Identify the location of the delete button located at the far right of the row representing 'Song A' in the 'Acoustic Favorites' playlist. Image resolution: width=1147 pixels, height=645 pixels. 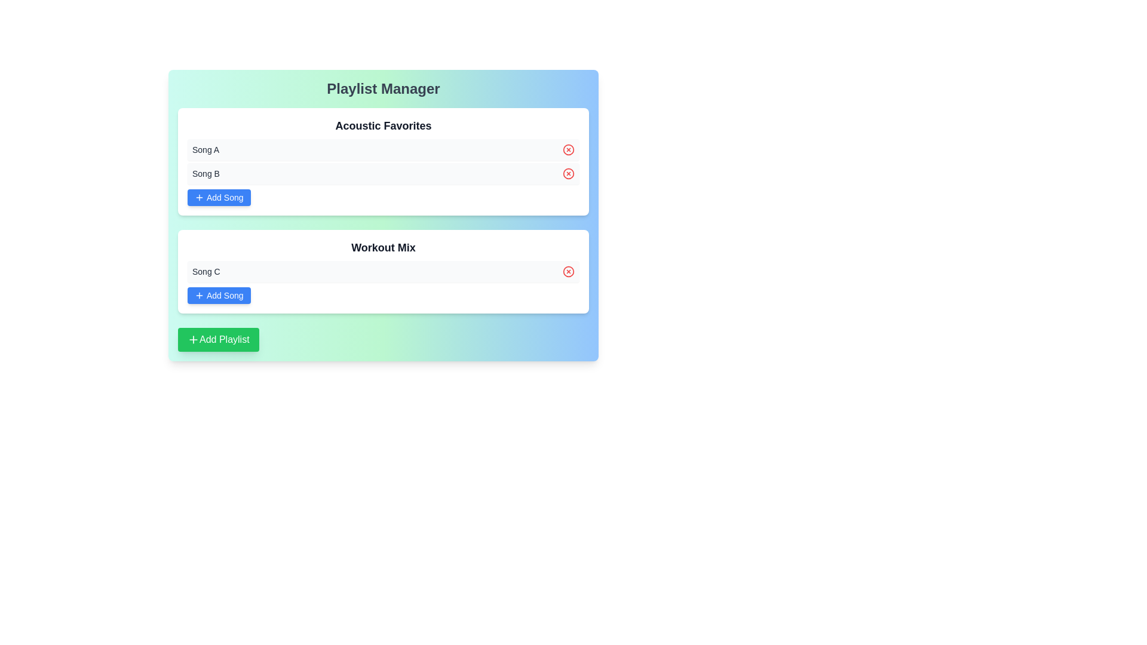
(568, 149).